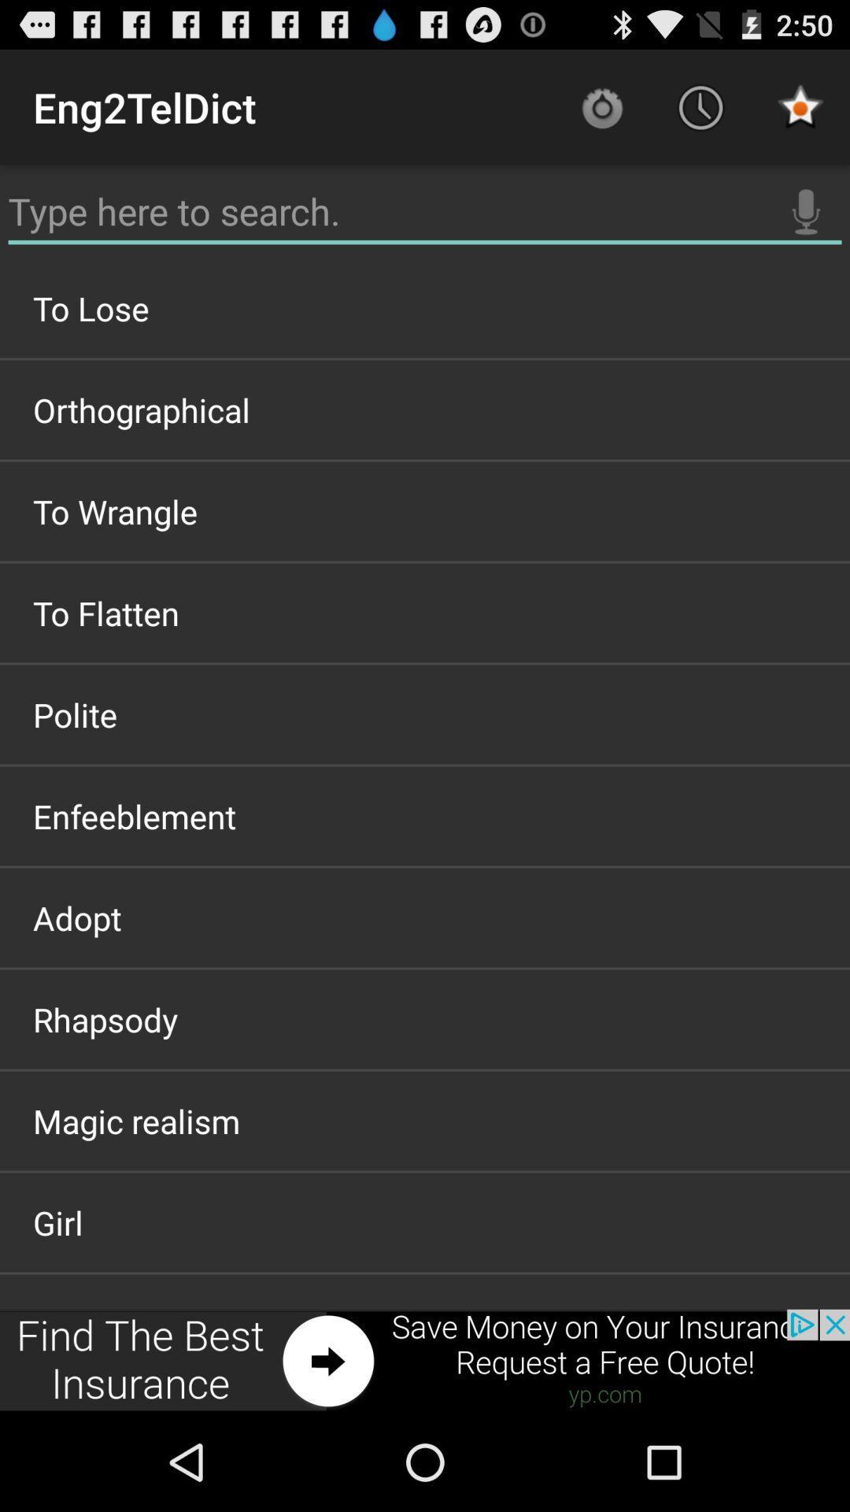 The width and height of the screenshot is (850, 1512). I want to click on item below the to lose, so click(425, 409).